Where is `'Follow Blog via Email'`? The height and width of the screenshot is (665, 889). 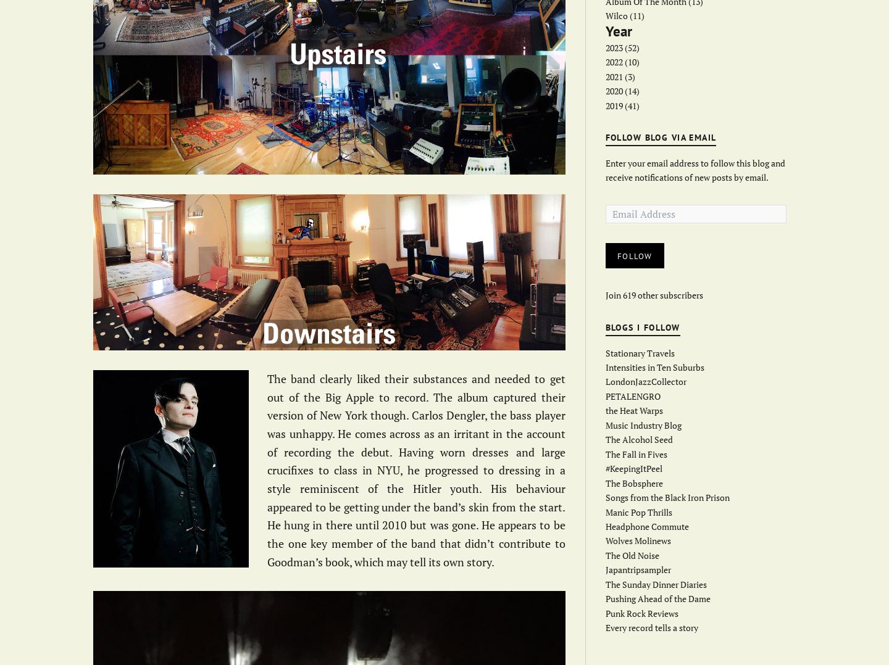 'Follow Blog via Email' is located at coordinates (661, 138).